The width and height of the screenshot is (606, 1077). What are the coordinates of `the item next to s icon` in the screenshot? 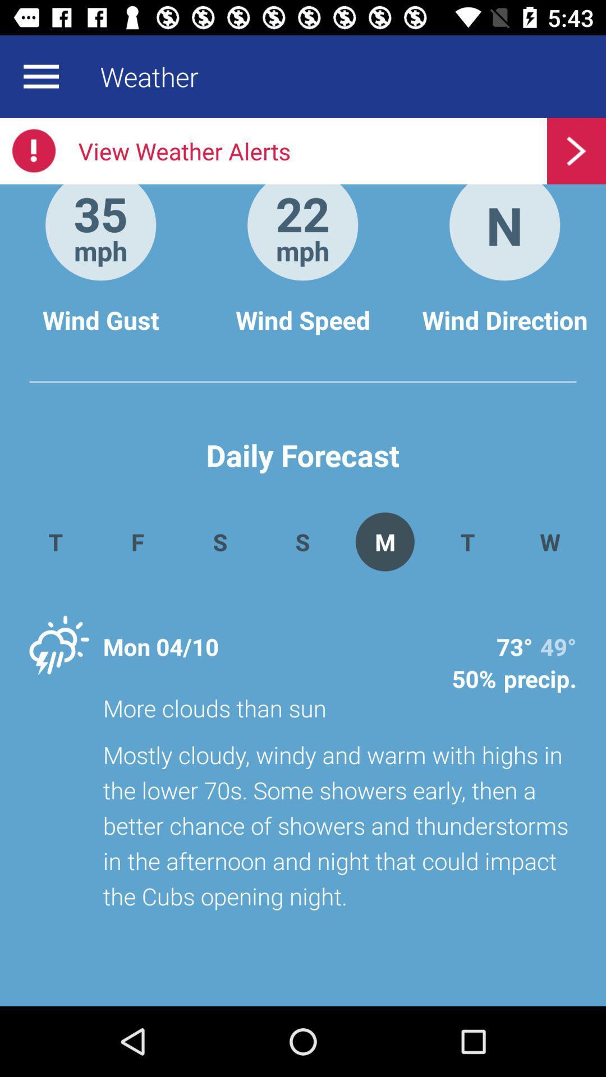 It's located at (384, 541).